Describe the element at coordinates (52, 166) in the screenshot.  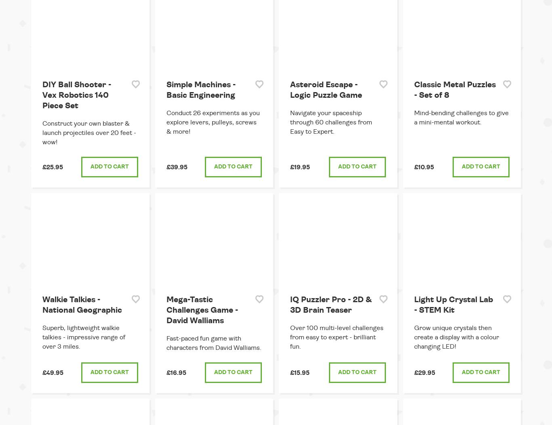
I see `'£25.95'` at that location.